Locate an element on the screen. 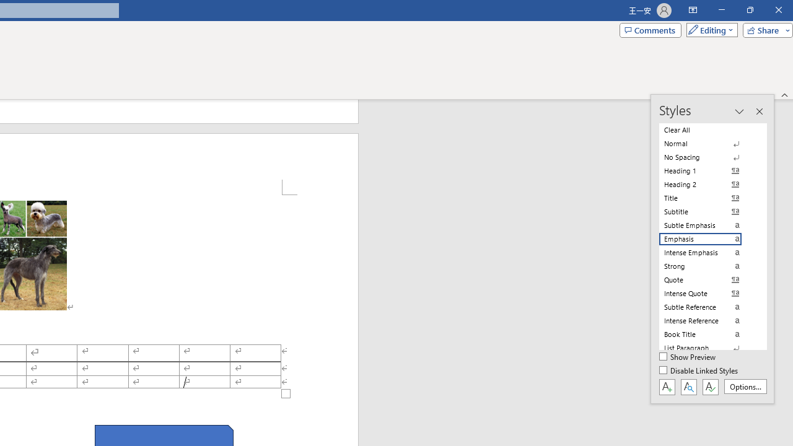 The height and width of the screenshot is (446, 793). 'Subtle Reference' is located at coordinates (708, 307).